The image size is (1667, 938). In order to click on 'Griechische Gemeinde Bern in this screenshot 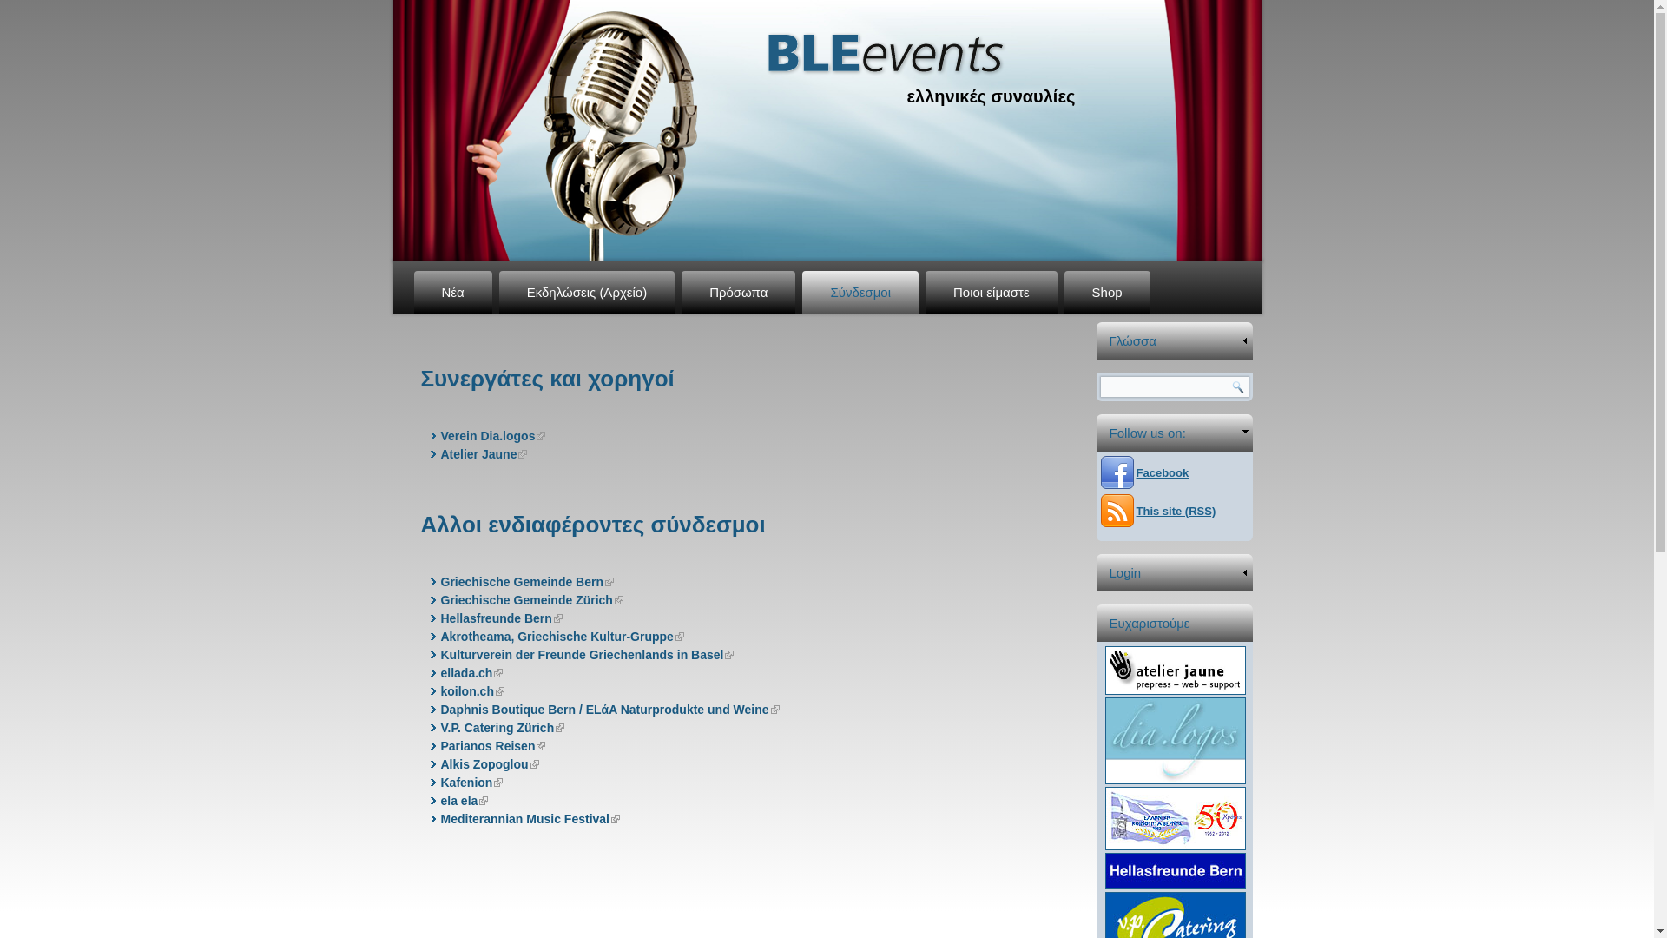, I will do `click(527, 582)`.